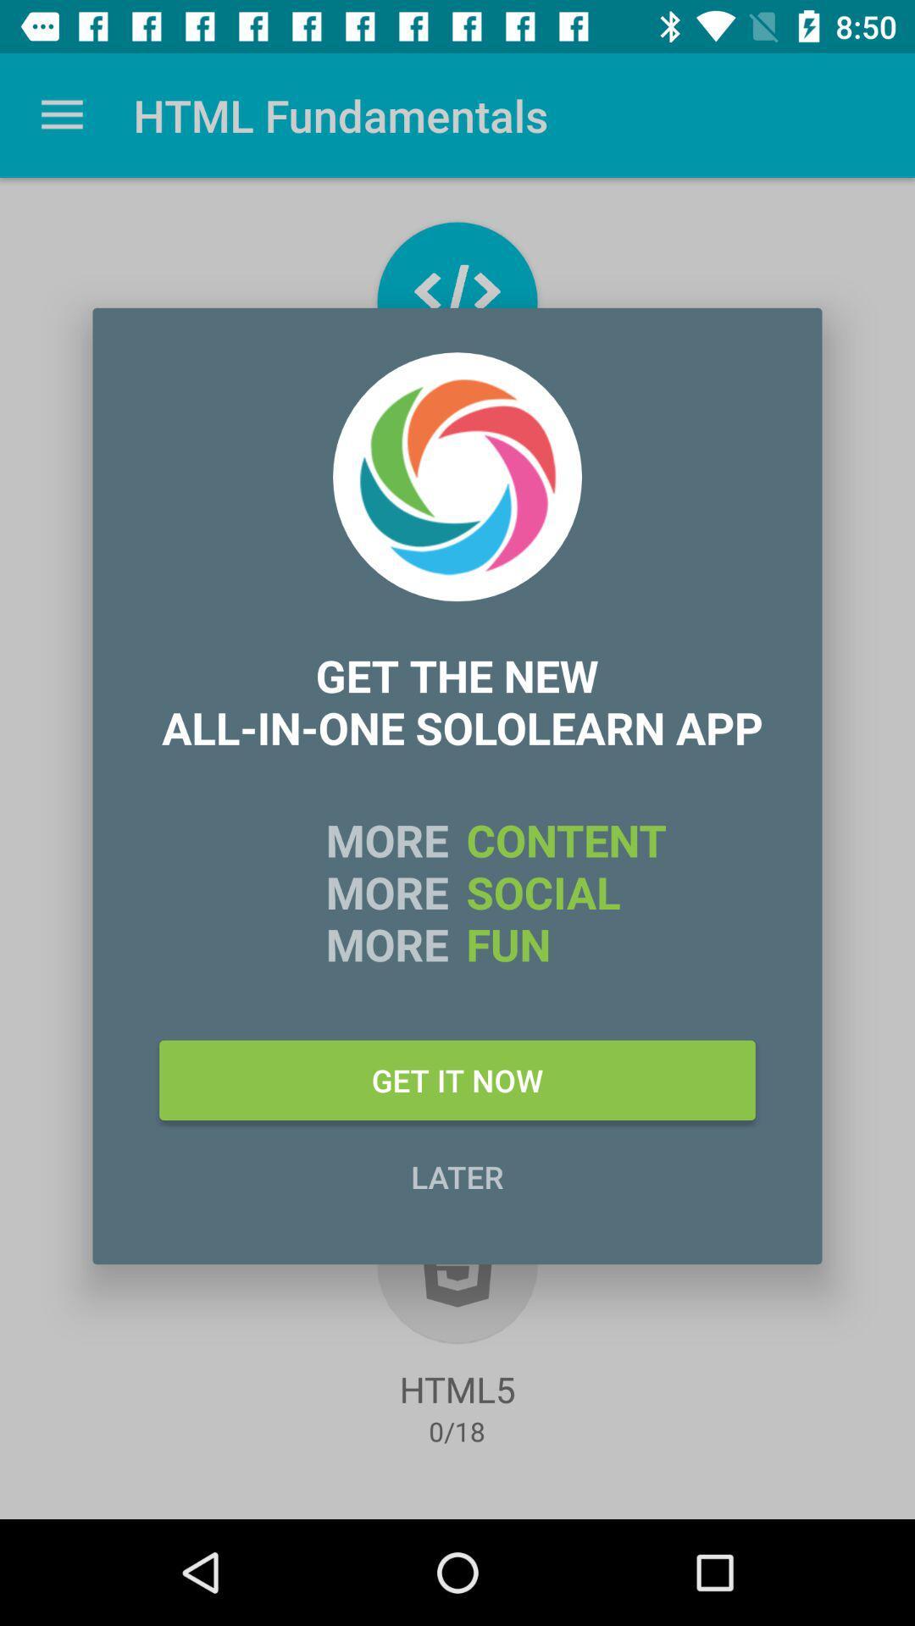 The image size is (915, 1626). What do you see at coordinates (457, 1175) in the screenshot?
I see `later icon` at bounding box center [457, 1175].